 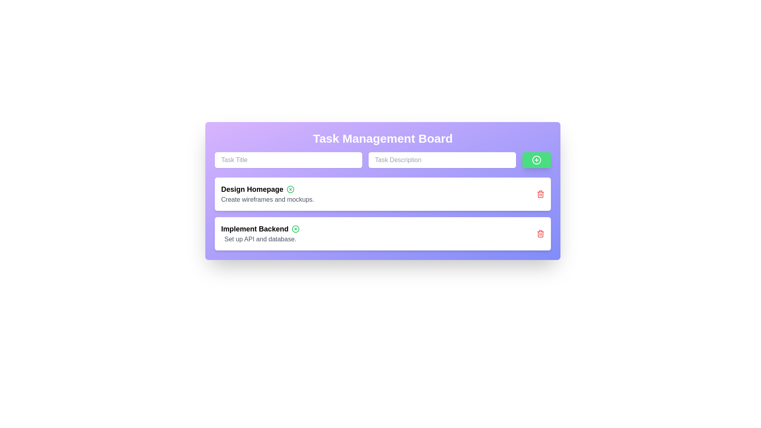 What do you see at coordinates (540, 233) in the screenshot?
I see `the delete button located at the far right of the 'Implement Backend' task section` at bounding box center [540, 233].